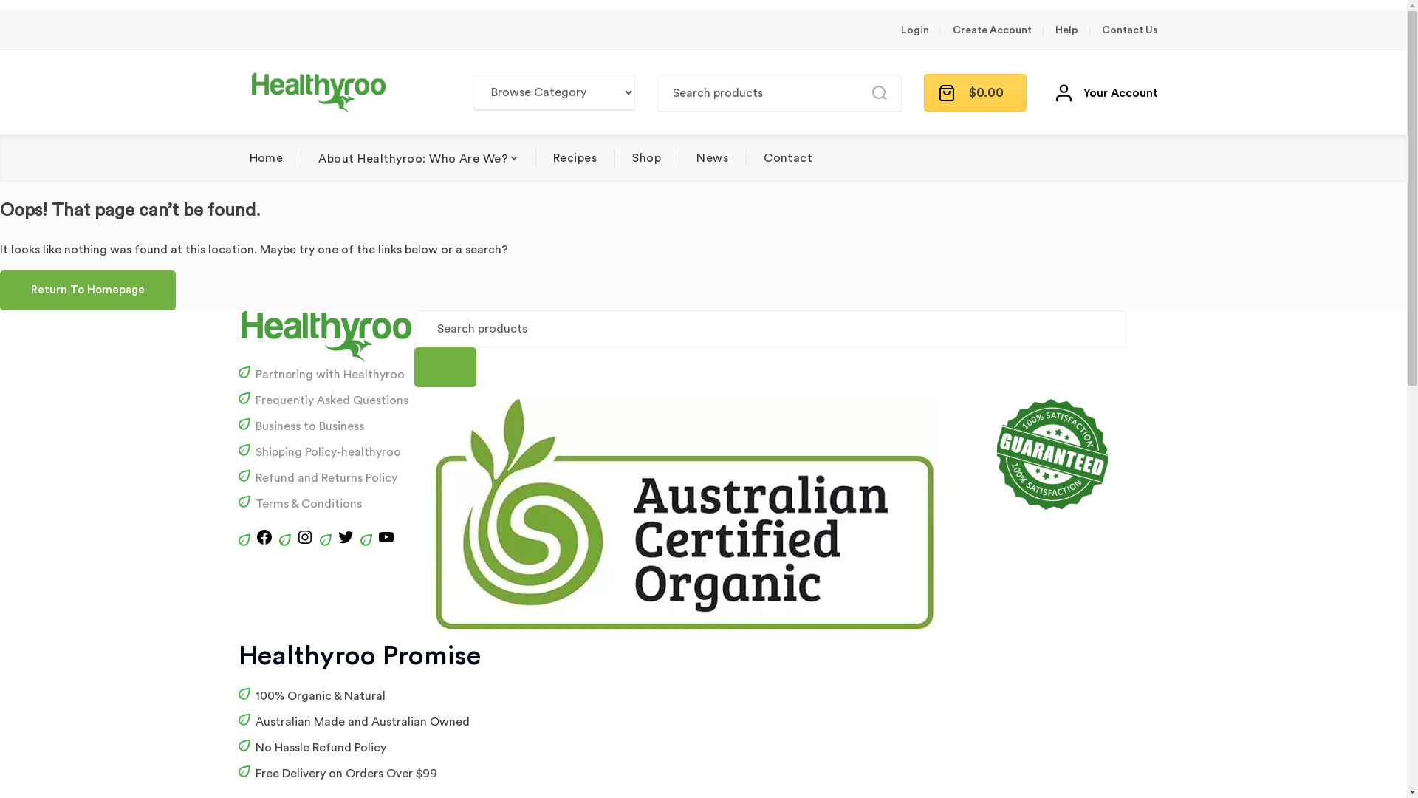  I want to click on 'News', so click(712, 157).